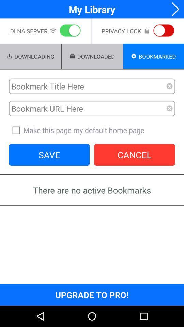  Describe the element at coordinates (173, 9) in the screenshot. I see `the arrow mark beside my library text` at that location.